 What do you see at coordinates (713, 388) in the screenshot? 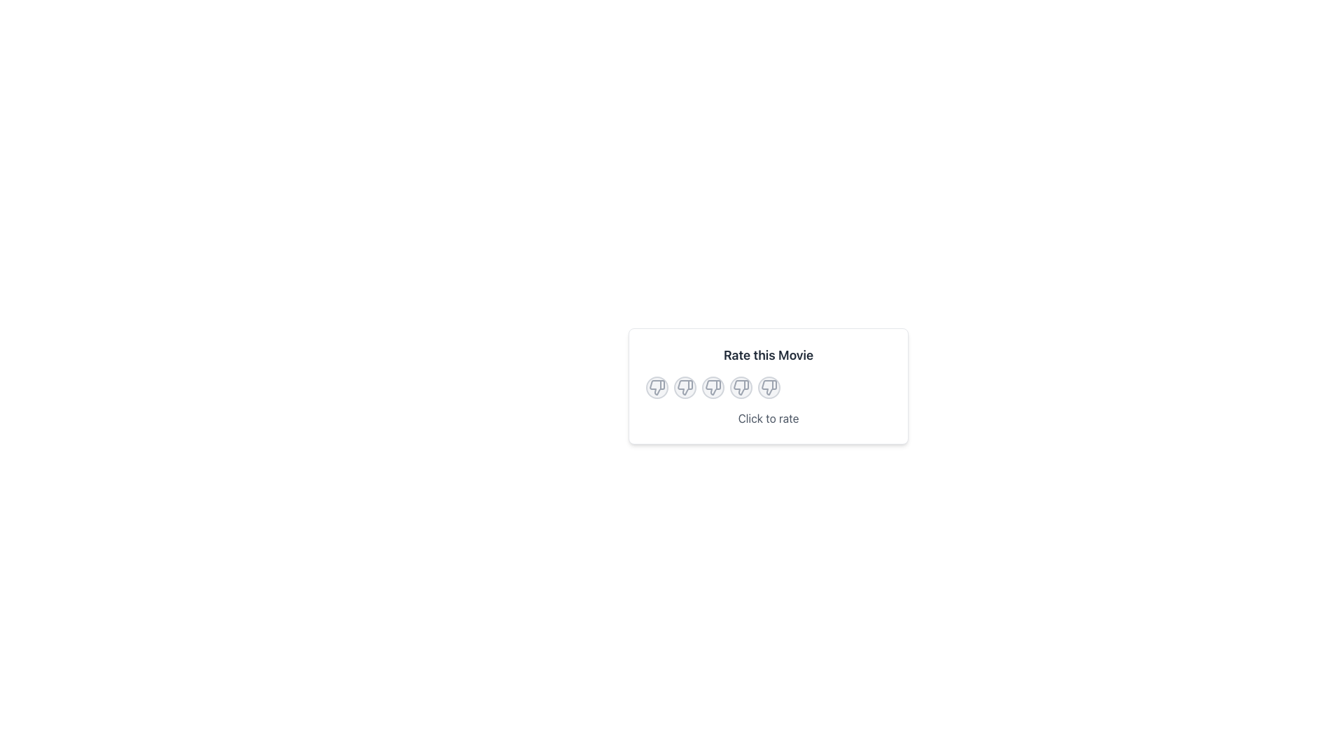
I see `the third circular Rating button from the left, which has a light gray background and a thumbs-down icon` at bounding box center [713, 388].